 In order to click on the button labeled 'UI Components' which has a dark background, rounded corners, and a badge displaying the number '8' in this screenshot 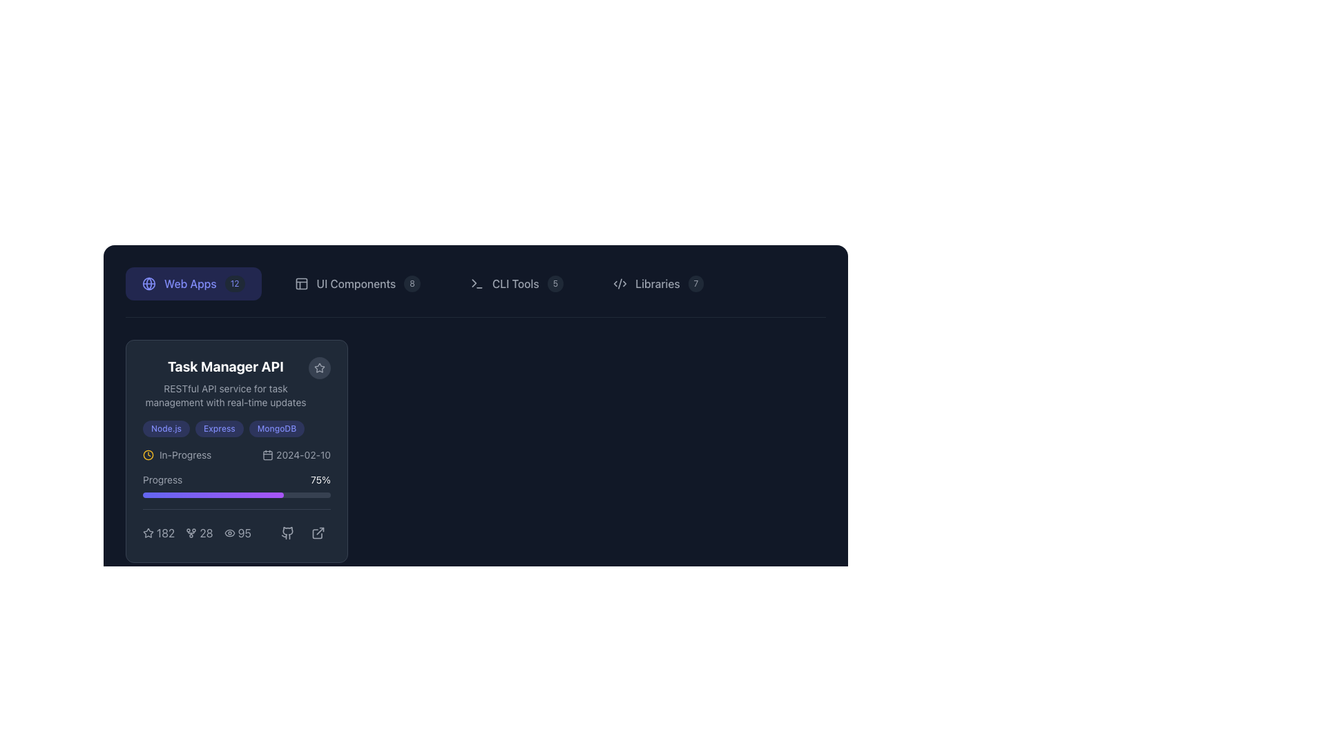, I will do `click(357, 283)`.